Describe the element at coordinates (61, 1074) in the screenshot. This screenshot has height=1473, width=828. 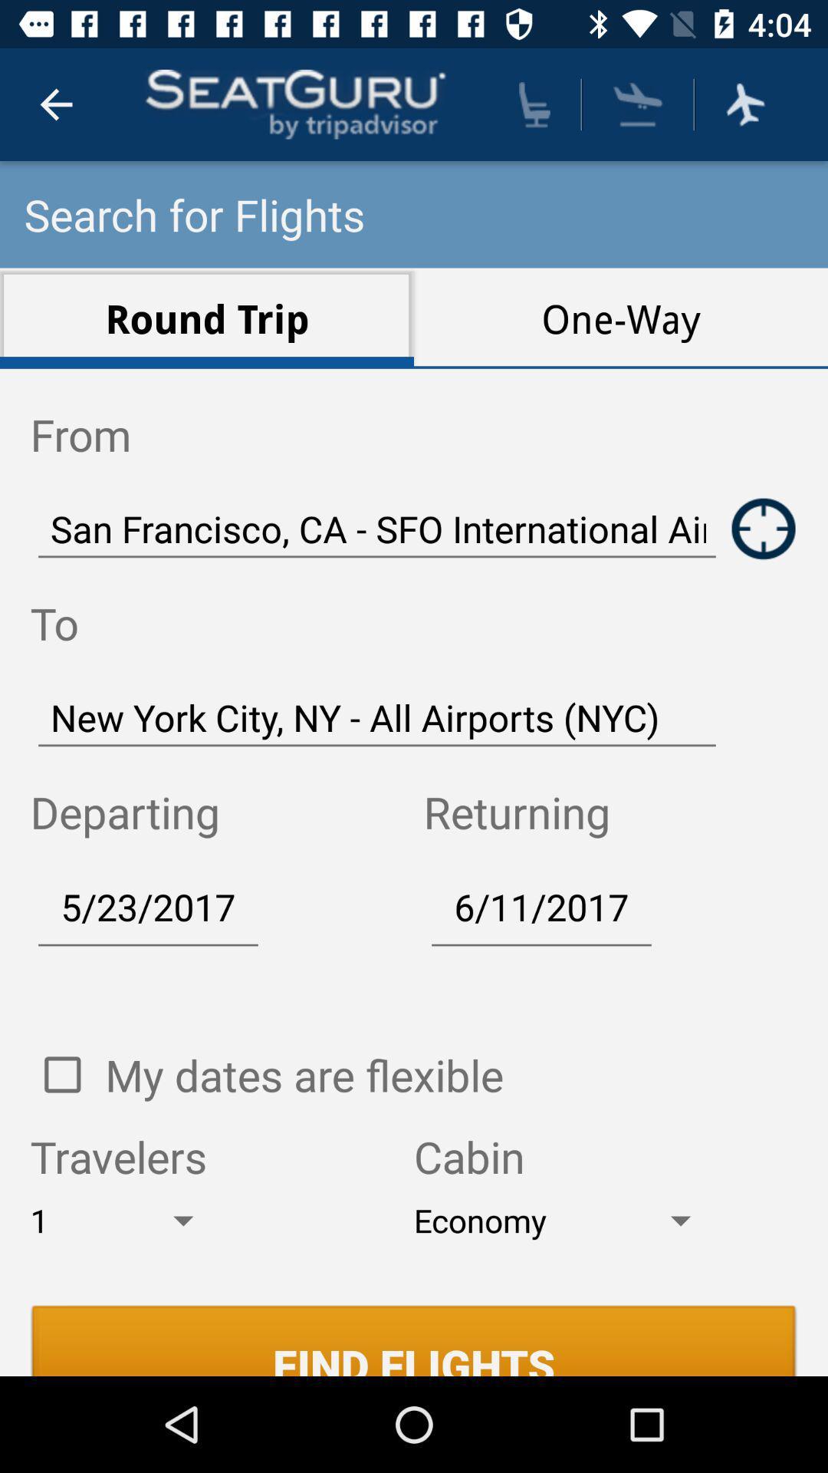
I see `enable my dates are flexible` at that location.